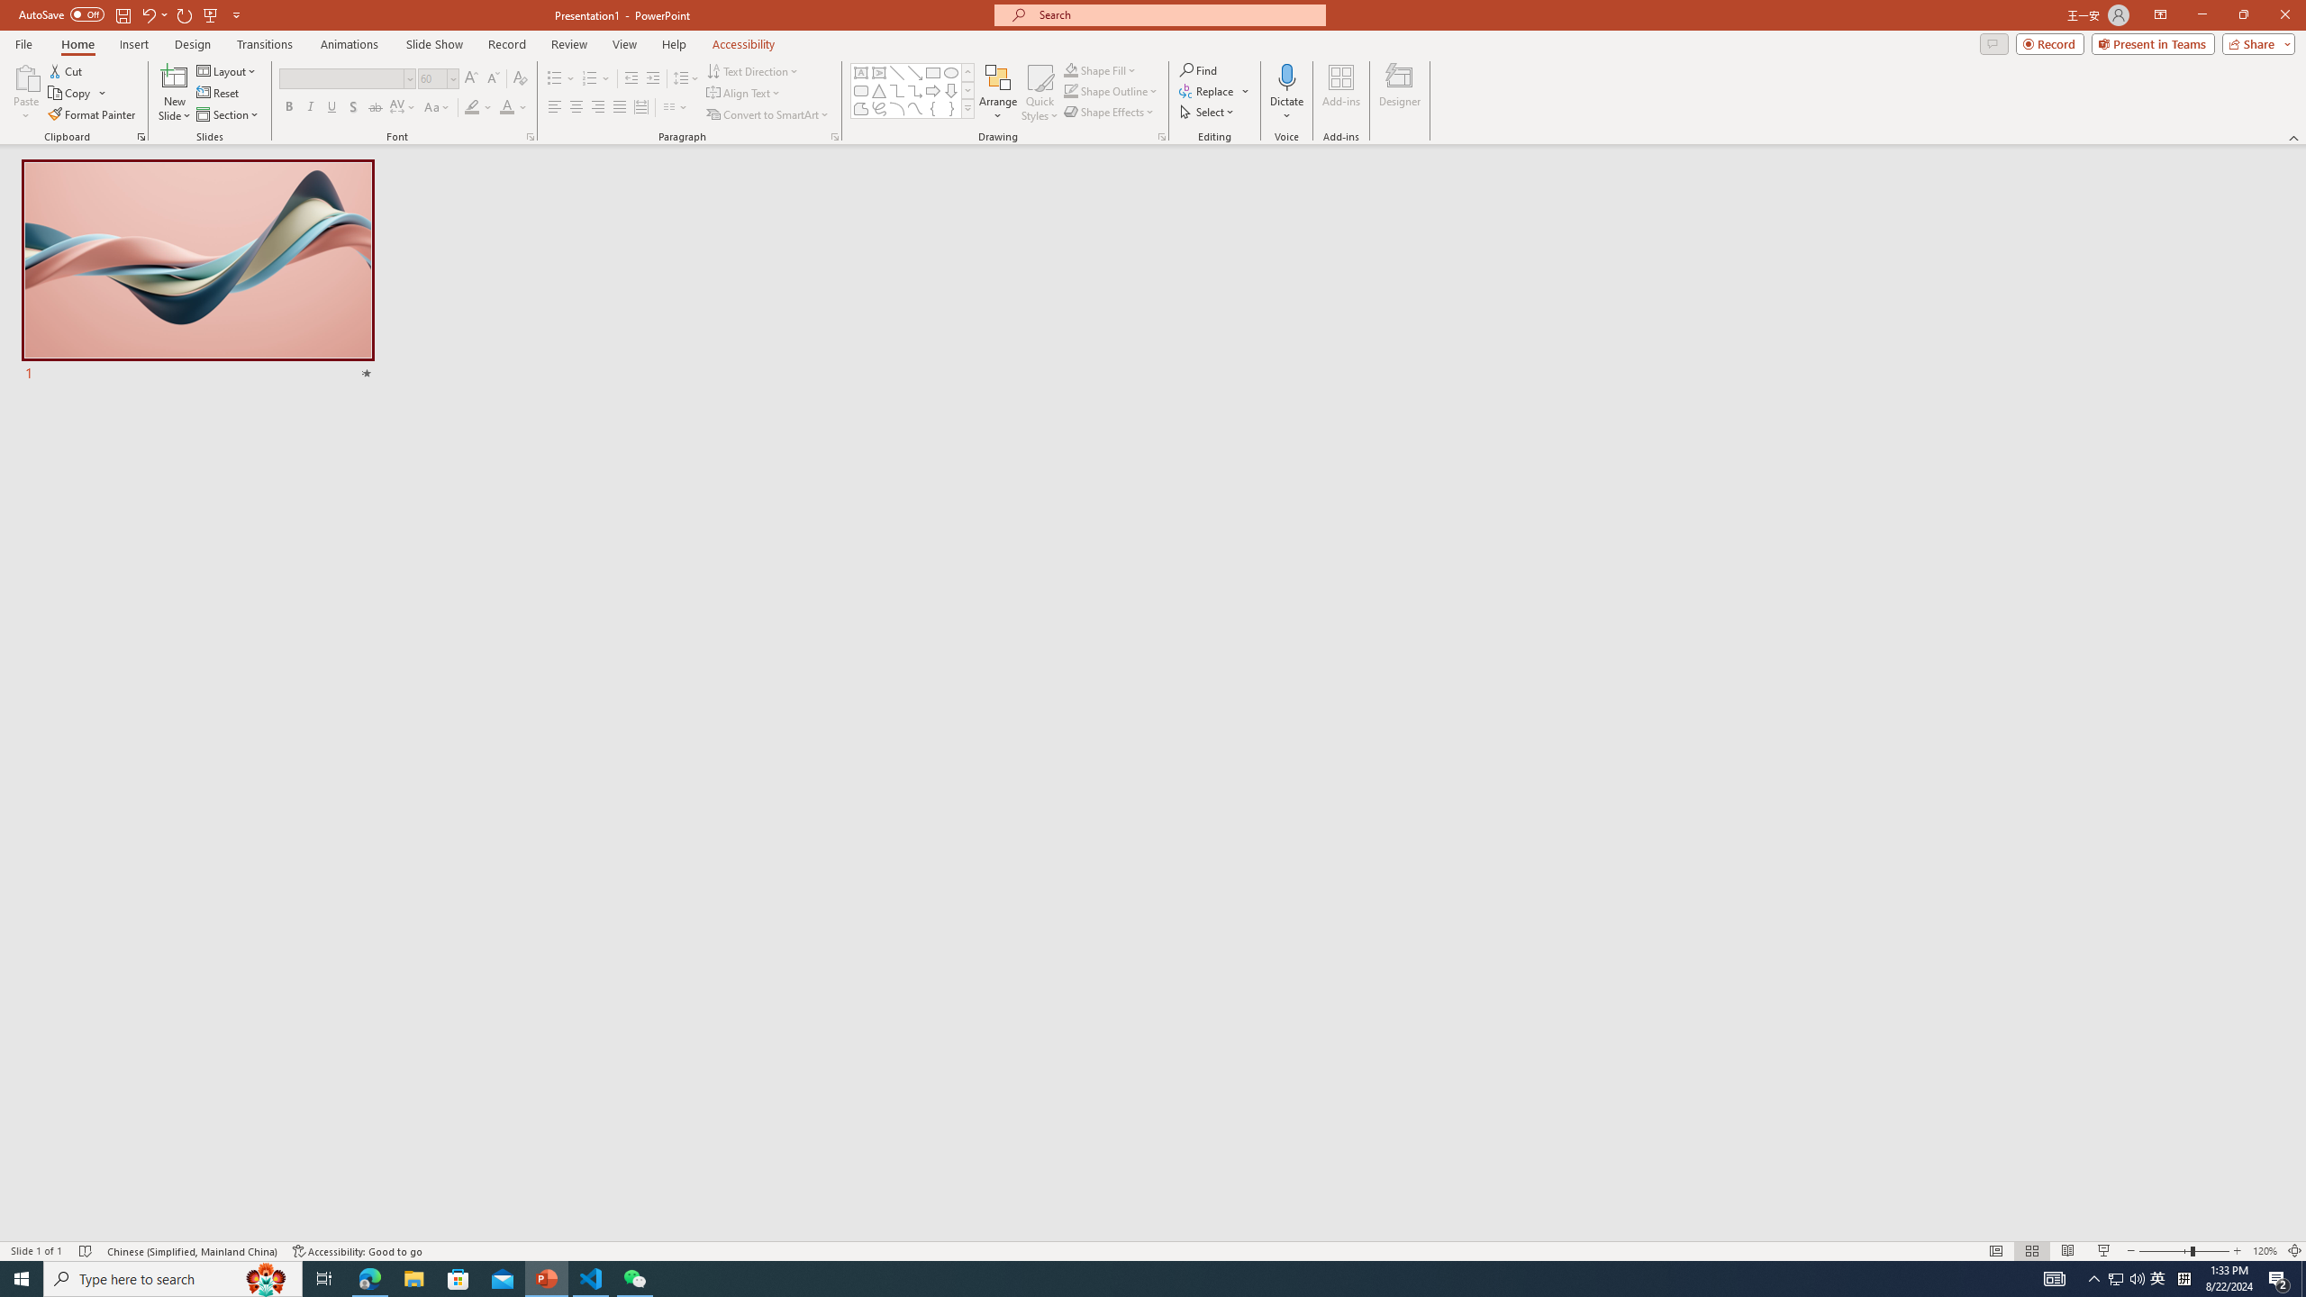  I want to click on 'Accessibility Checker Accessibility: Good to go', so click(359, 1251).